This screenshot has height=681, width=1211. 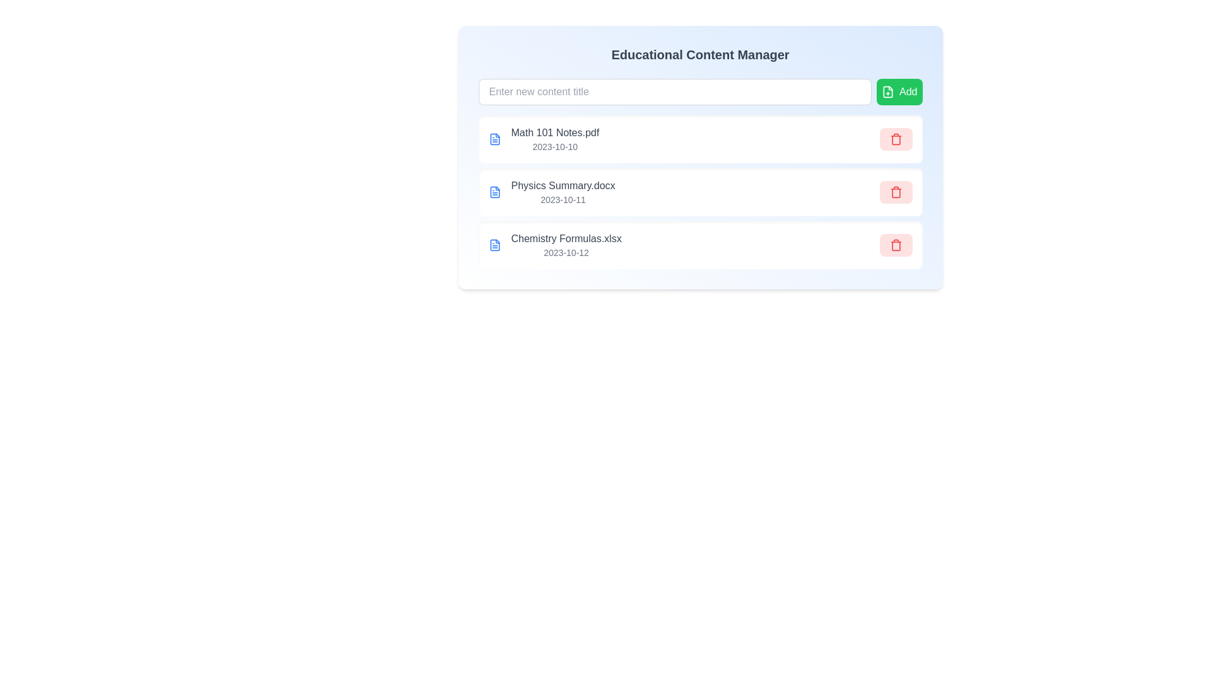 What do you see at coordinates (554, 245) in the screenshot?
I see `the file list entry representing a document` at bounding box center [554, 245].